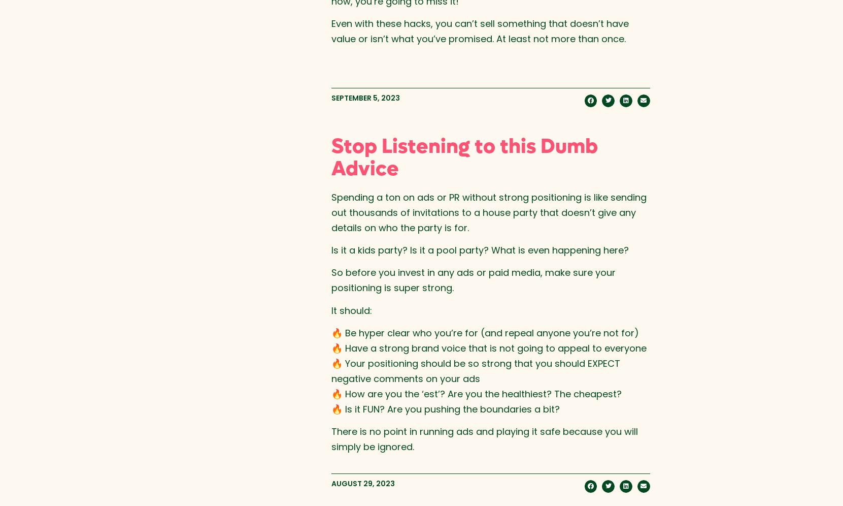 The width and height of the screenshot is (843, 506). I want to click on 'So before you invest in any ads or paid media, make sure your positioning is super strong.', so click(472, 279).